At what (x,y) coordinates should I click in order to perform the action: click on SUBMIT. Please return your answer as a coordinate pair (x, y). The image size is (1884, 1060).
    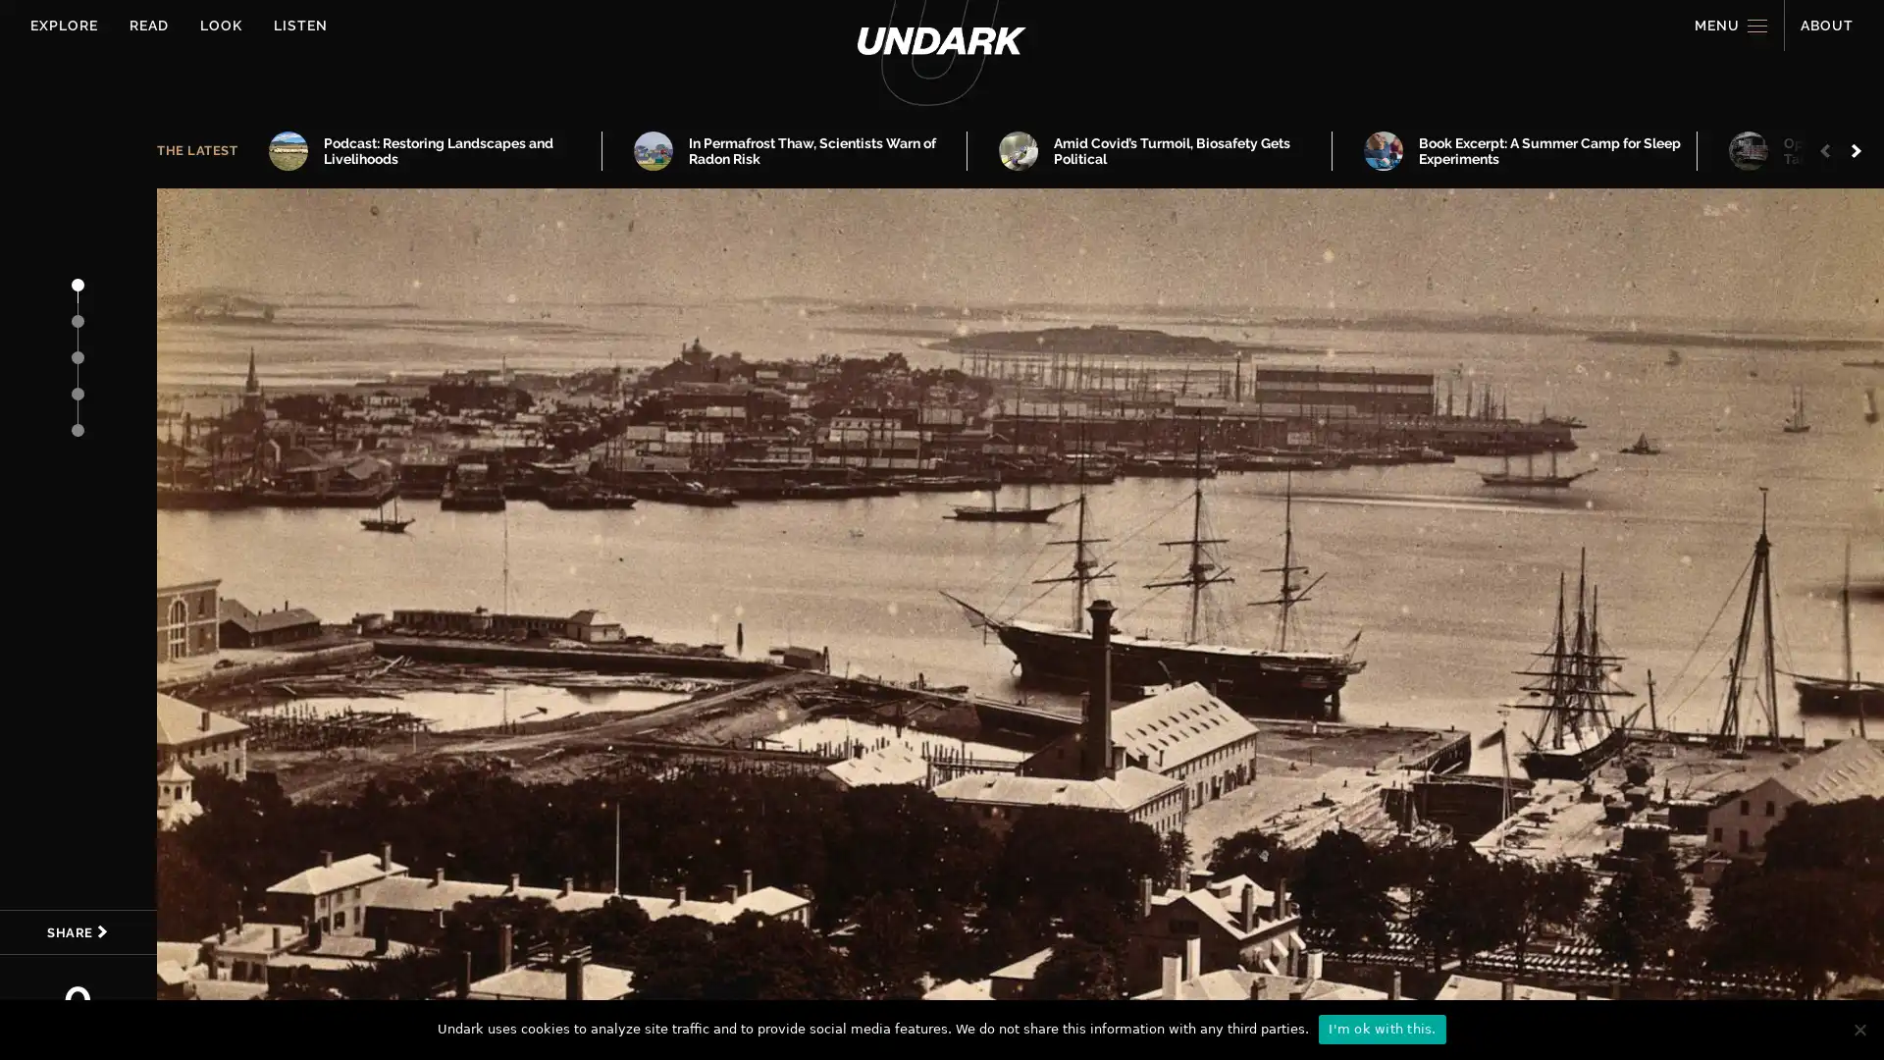
    Looking at the image, I should click on (1006, 719).